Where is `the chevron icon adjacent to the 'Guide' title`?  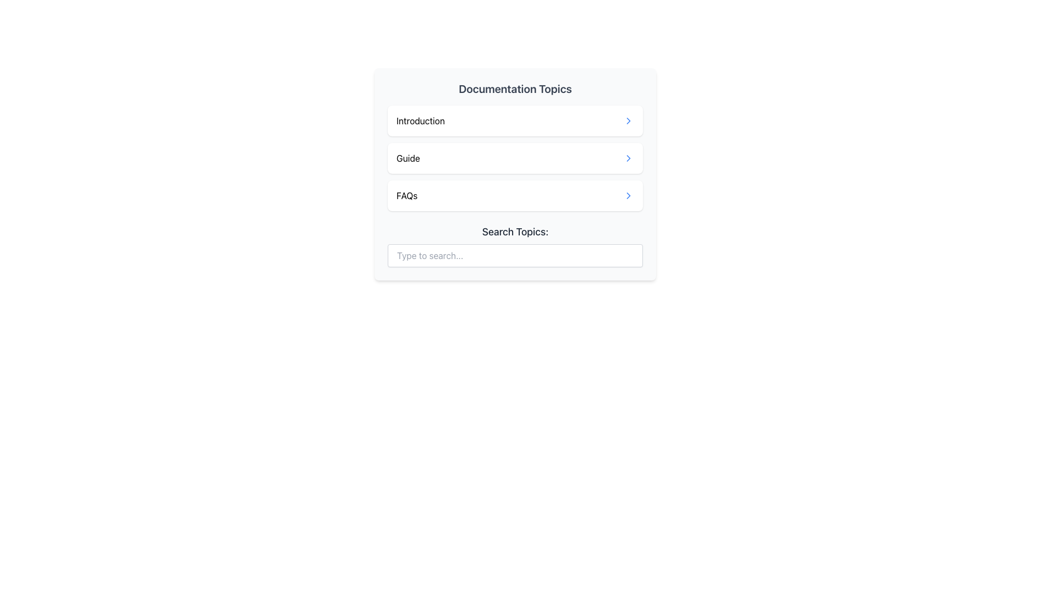
the chevron icon adjacent to the 'Guide' title is located at coordinates (628, 158).